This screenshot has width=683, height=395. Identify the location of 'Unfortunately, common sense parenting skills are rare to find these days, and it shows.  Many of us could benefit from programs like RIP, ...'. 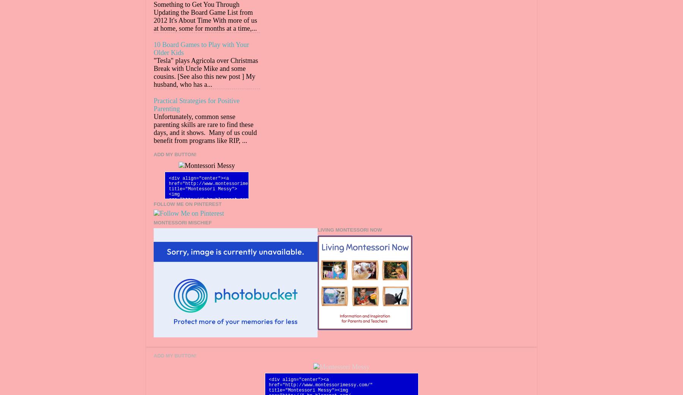
(205, 129).